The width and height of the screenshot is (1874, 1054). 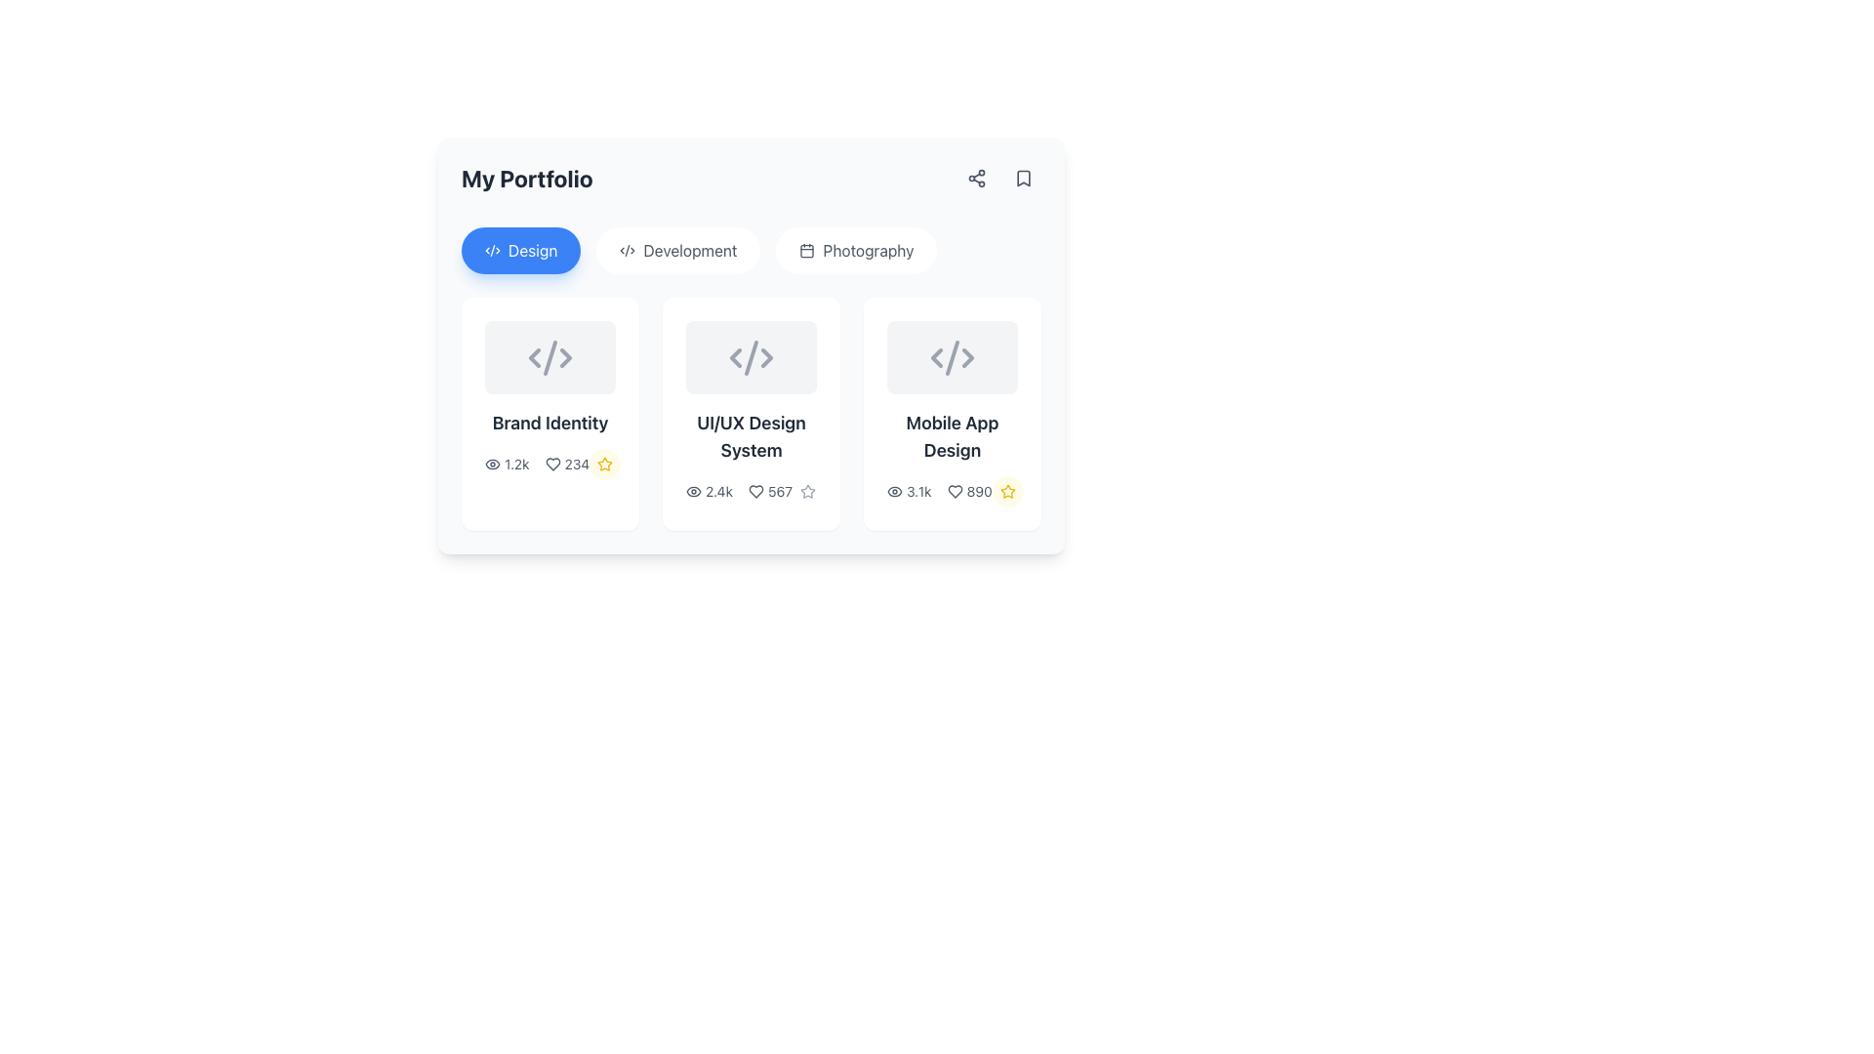 What do you see at coordinates (750, 435) in the screenshot?
I see `the card surrounding the 'UI/UX Design System' title text label located in the second card under the 'Design' tab` at bounding box center [750, 435].